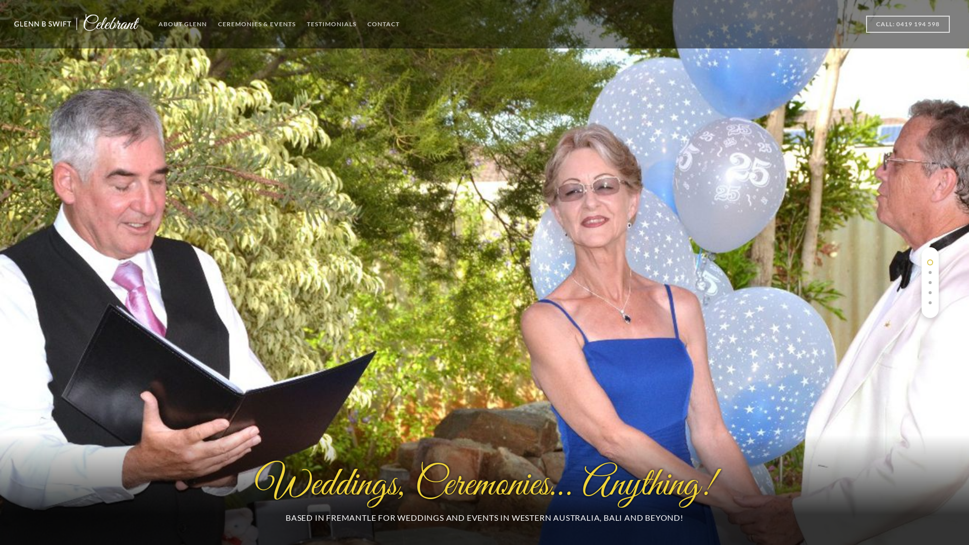 The height and width of the screenshot is (545, 969). Describe the element at coordinates (332, 25) in the screenshot. I see `'TESTIMONIALS'` at that location.